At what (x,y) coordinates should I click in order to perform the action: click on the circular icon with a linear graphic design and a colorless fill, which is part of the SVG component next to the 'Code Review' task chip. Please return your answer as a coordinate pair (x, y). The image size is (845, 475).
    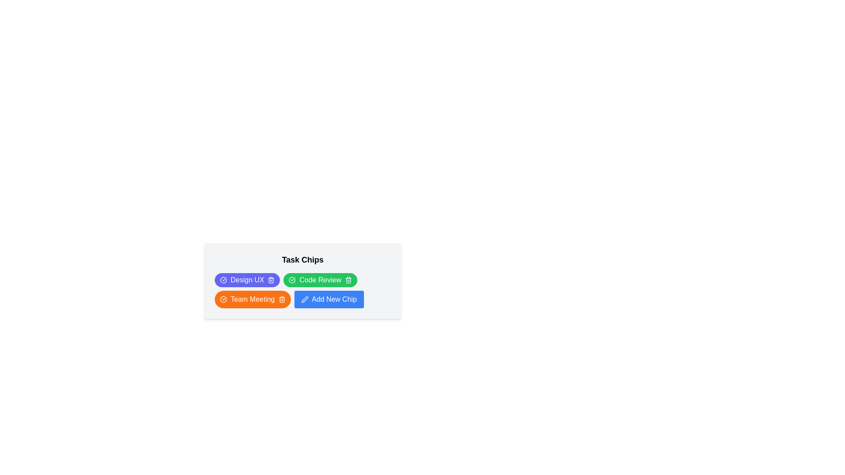
    Looking at the image, I should click on (224, 299).